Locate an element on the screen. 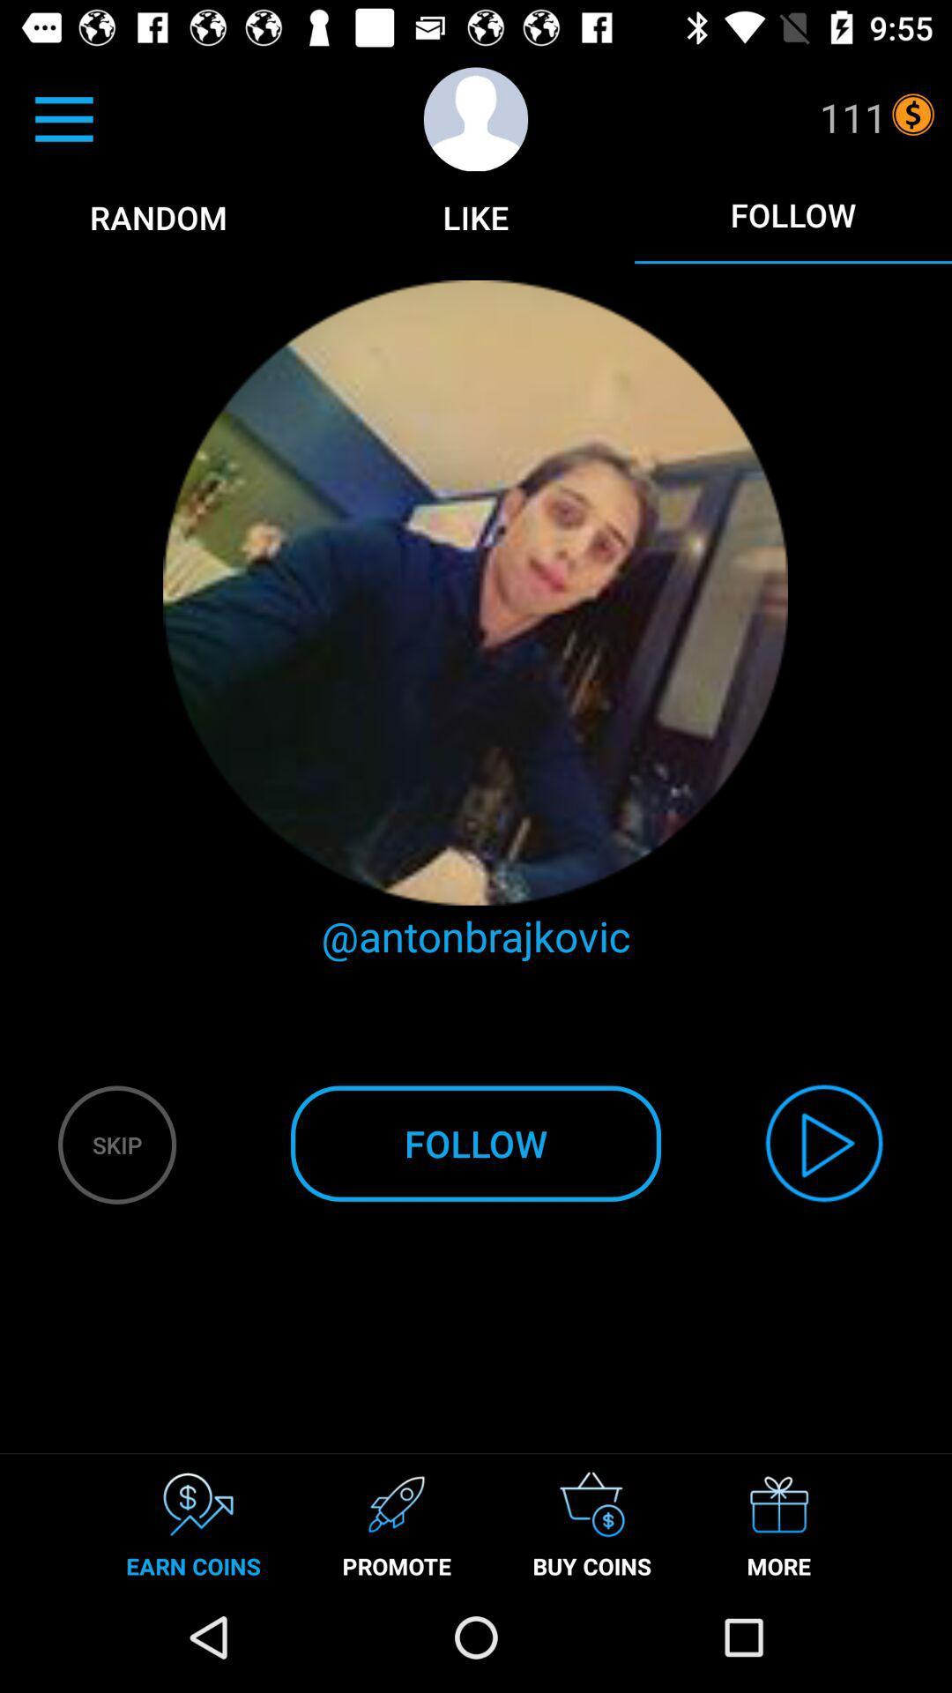  the picture is located at coordinates (476, 593).